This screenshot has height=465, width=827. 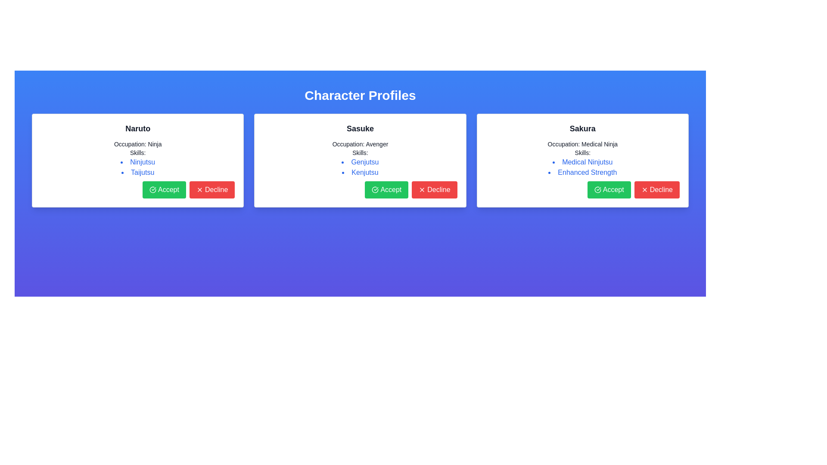 What do you see at coordinates (138, 129) in the screenshot?
I see `bold, black-colored text displaying 'Naruto' located at the top of the leftmost character profile card` at bounding box center [138, 129].